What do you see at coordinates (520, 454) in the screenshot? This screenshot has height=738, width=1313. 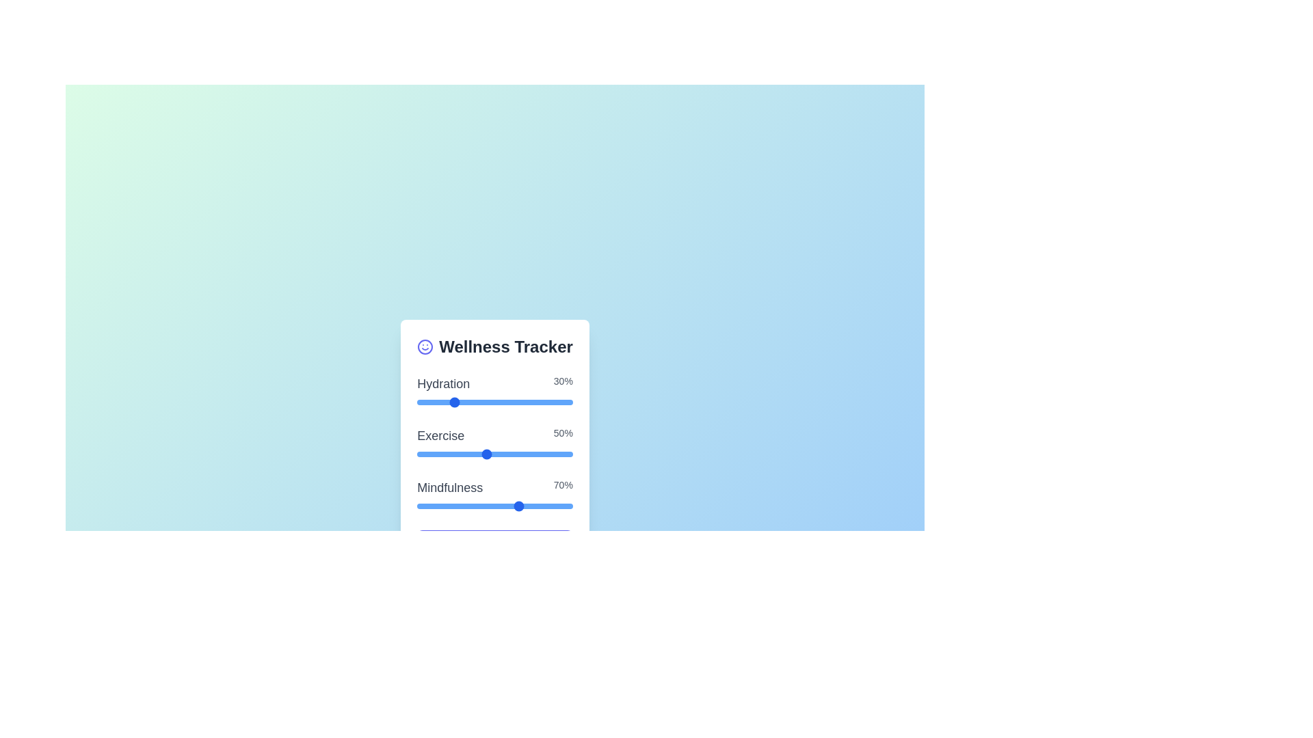 I see `the 'Exercise' slider to set its value to 7` at bounding box center [520, 454].